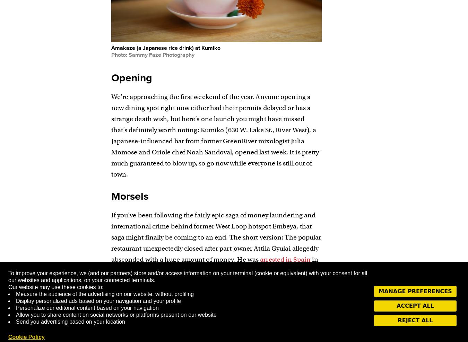 The height and width of the screenshot is (342, 468). Describe the element at coordinates (110, 237) in the screenshot. I see `'If you’ve been following the fairly epic saga of money laundering and international crime behind former West Loop hotspot Embeya, that saga might finally be coming to an end. The short version: The popular restaurant unexpectedly closed after part-owner Attila Gyulai allegedly absconded with a huge amount of money. He was'` at that location.